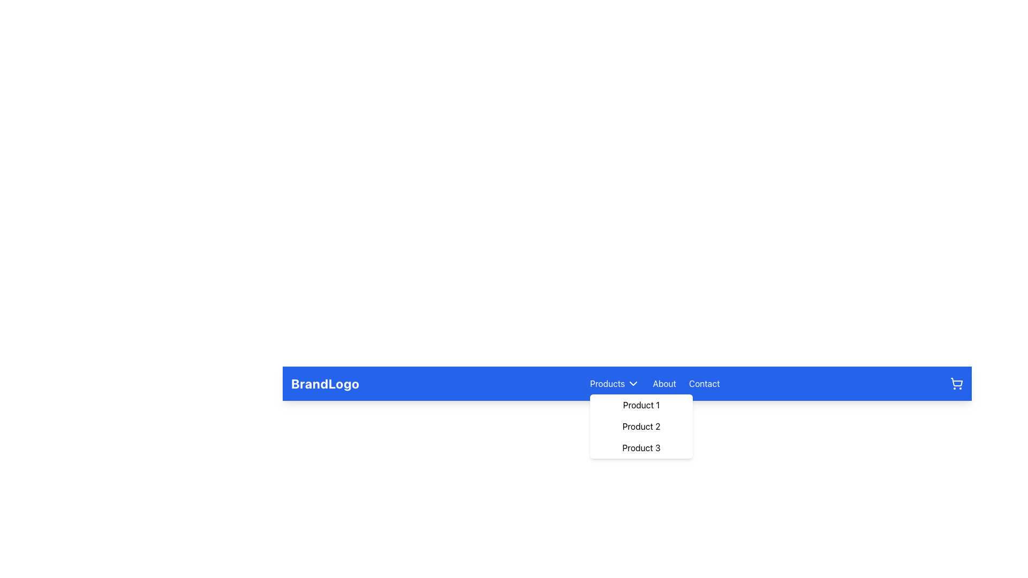  I want to click on the shopping cart icon located at the far right of the blue navigation bar at the top of the webpage, so click(956, 383).